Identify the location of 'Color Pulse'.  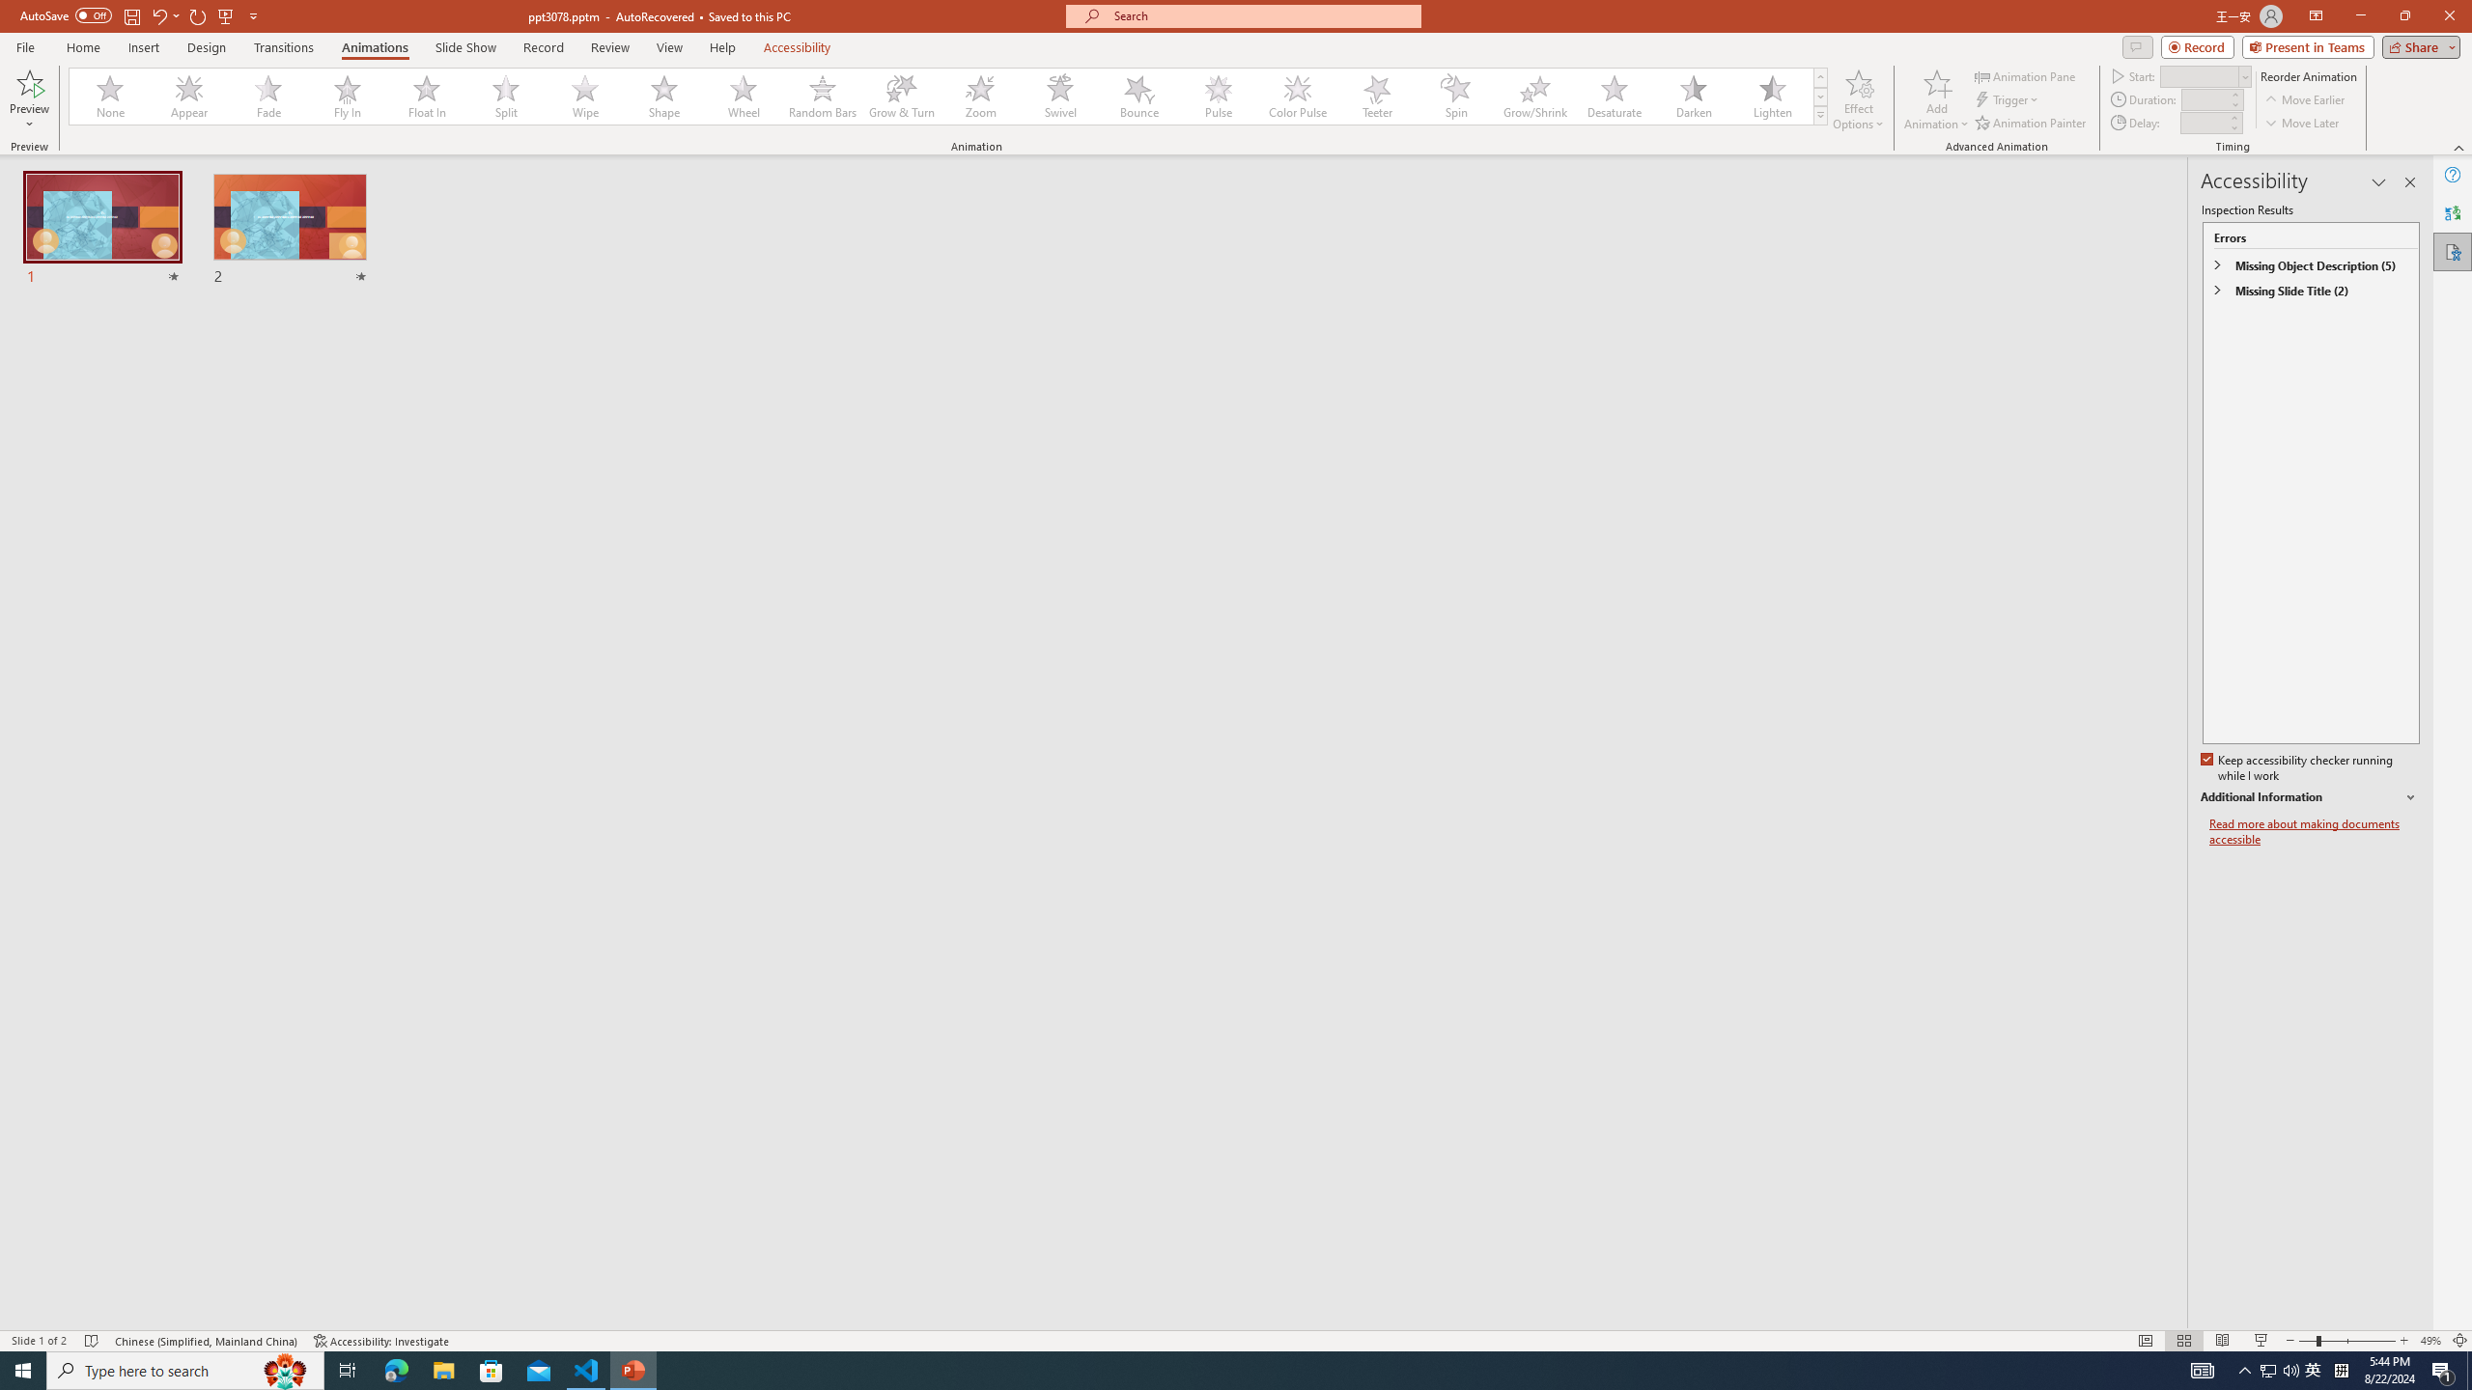
(1298, 96).